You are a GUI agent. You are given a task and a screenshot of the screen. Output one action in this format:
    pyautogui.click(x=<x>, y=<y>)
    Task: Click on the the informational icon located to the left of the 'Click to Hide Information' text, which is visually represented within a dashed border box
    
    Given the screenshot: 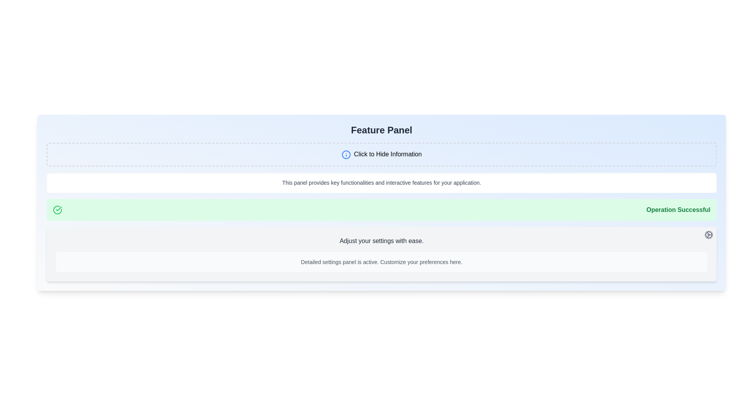 What is the action you would take?
    pyautogui.click(x=345, y=154)
    